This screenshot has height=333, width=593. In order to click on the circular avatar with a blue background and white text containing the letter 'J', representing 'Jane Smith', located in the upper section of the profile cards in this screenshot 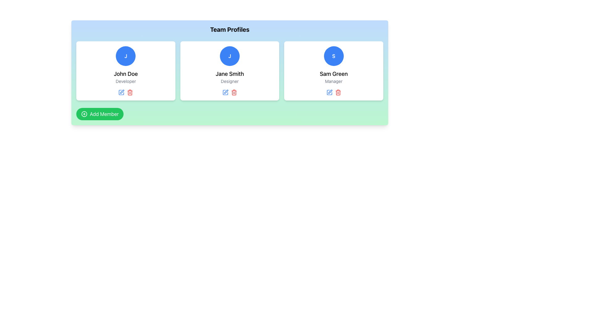, I will do `click(229, 56)`.